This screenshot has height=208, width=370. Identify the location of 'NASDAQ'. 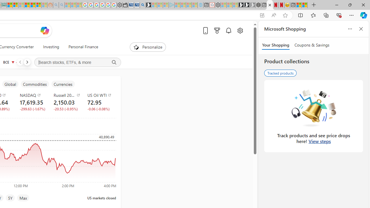
(33, 95).